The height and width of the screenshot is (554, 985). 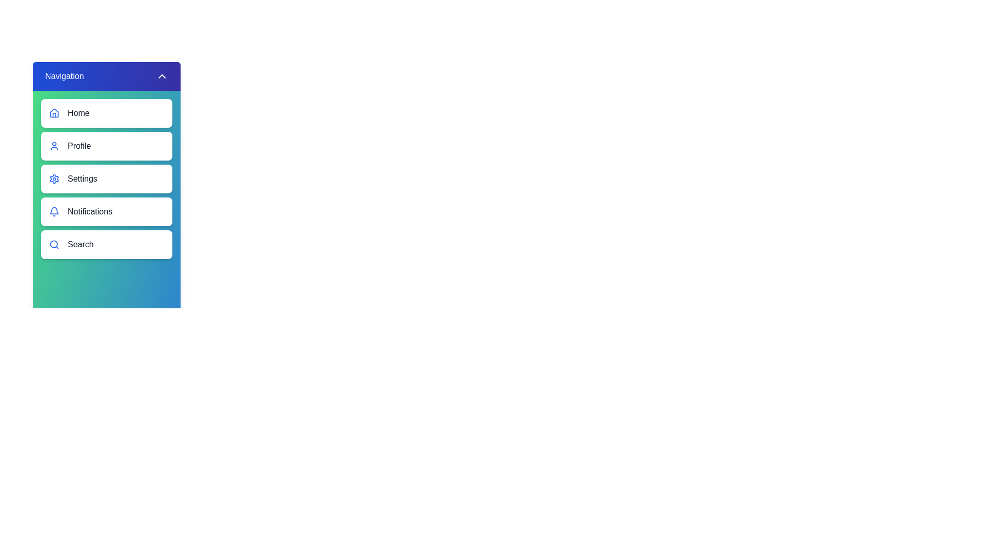 I want to click on the third button in the left-aligned sidebar navigation menu, so click(x=106, y=178).